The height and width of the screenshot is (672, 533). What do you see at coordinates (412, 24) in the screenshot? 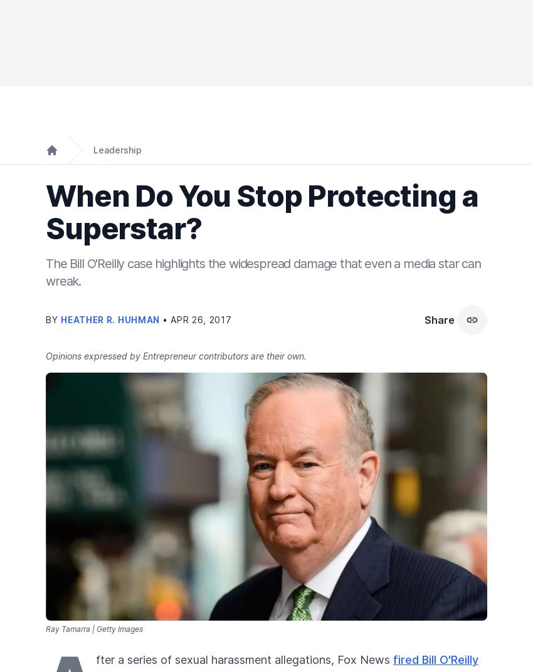
I see `'Subscribe'` at bounding box center [412, 24].